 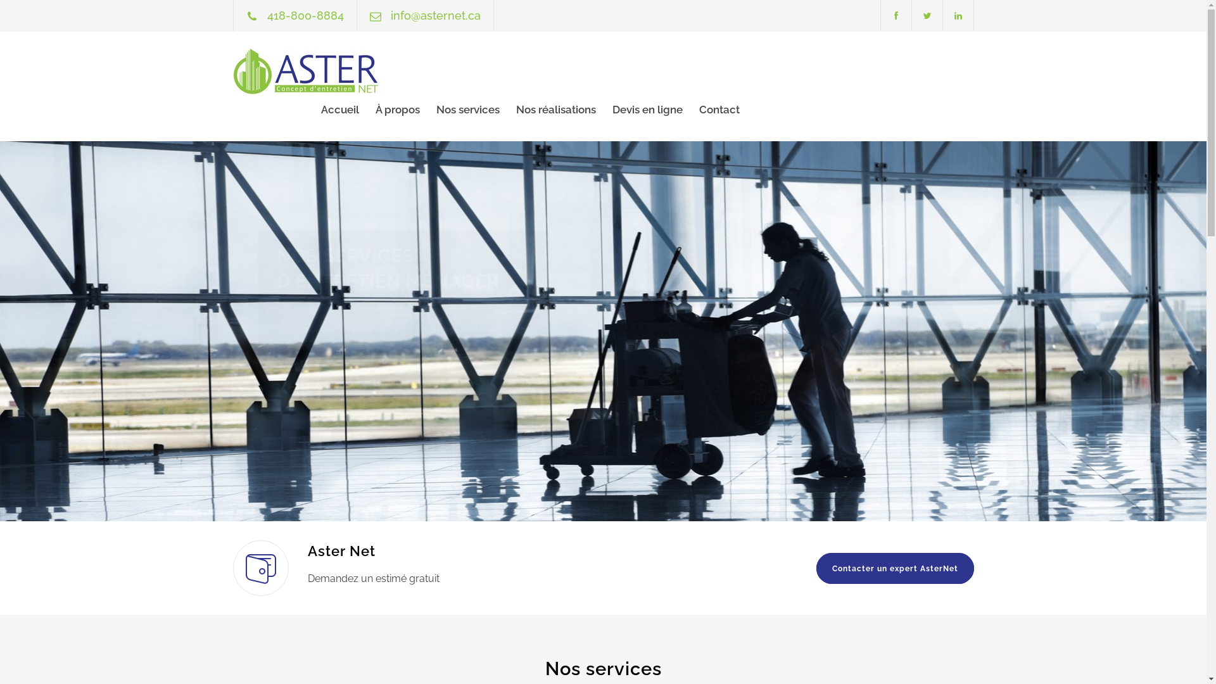 What do you see at coordinates (815, 567) in the screenshot?
I see `'Contacter un expert AsterNet'` at bounding box center [815, 567].